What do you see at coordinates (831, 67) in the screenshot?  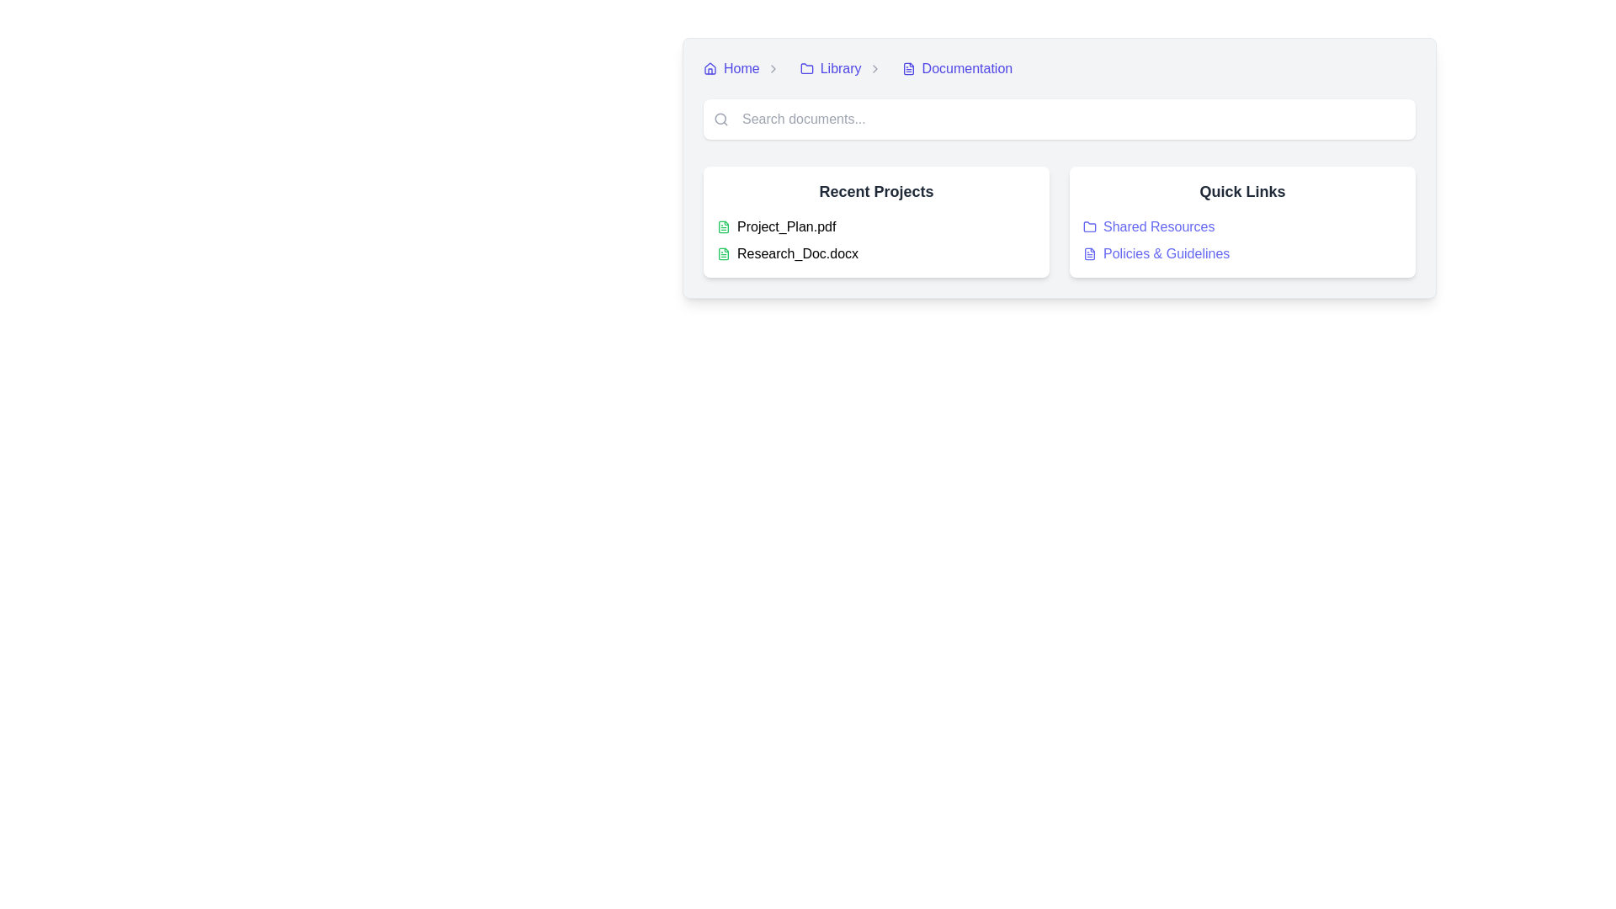 I see `the 'Library' breadcrumb navigation link` at bounding box center [831, 67].